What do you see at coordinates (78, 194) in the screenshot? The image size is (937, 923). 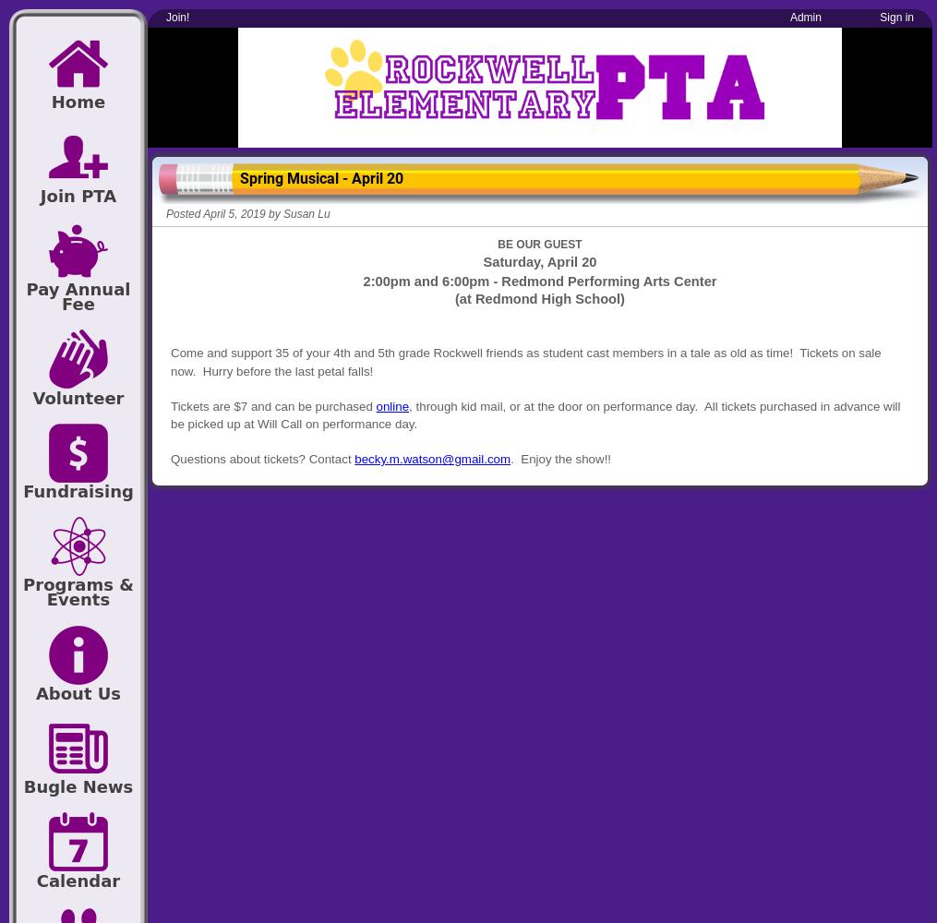 I see `'Join PTA'` at bounding box center [78, 194].